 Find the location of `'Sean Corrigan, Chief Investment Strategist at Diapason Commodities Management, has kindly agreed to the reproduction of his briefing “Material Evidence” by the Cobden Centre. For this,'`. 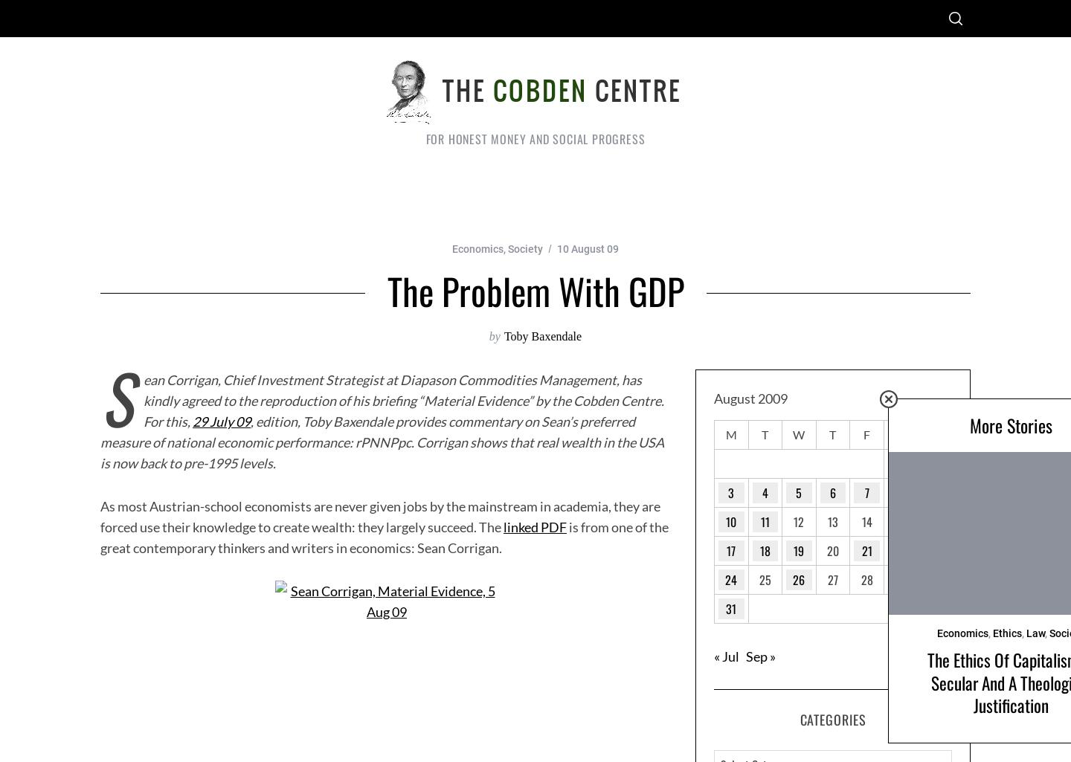

'Sean Corrigan, Chief Investment Strategist at Diapason Commodities Management, has kindly agreed to the reproduction of his briefing “Material Evidence” by the Cobden Centre. For this,' is located at coordinates (381, 395).